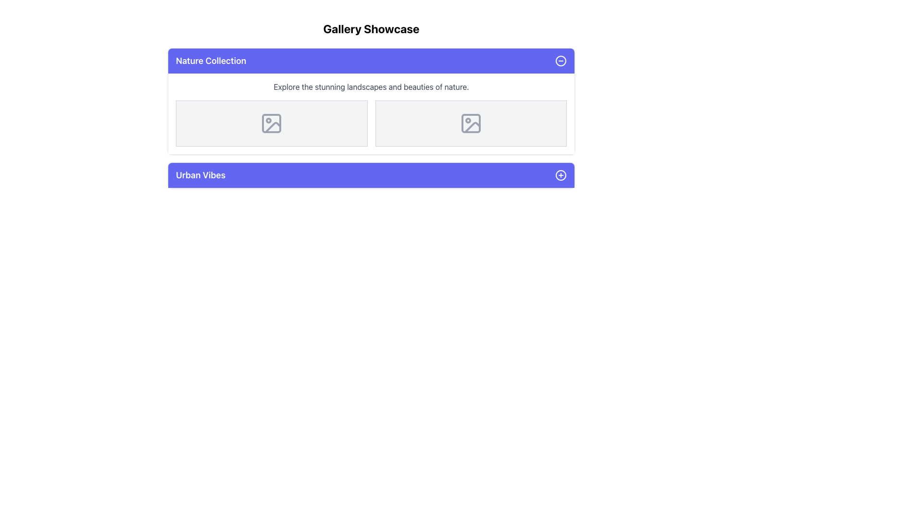 Image resolution: width=923 pixels, height=519 pixels. What do you see at coordinates (561, 61) in the screenshot?
I see `the circular button with a minus symbol located in the top-right corner of the 'Nature Collection' section to observe potential tooltip or visual feedback` at bounding box center [561, 61].